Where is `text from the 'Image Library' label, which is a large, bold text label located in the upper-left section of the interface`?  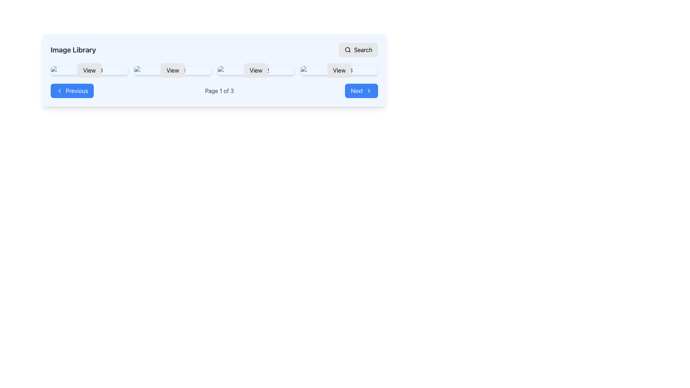 text from the 'Image Library' label, which is a large, bold text label located in the upper-left section of the interface is located at coordinates (73, 49).